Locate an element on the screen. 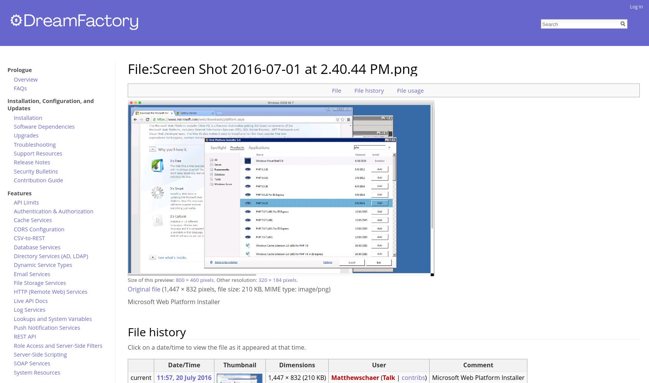  'Dimensions' is located at coordinates (296, 364).